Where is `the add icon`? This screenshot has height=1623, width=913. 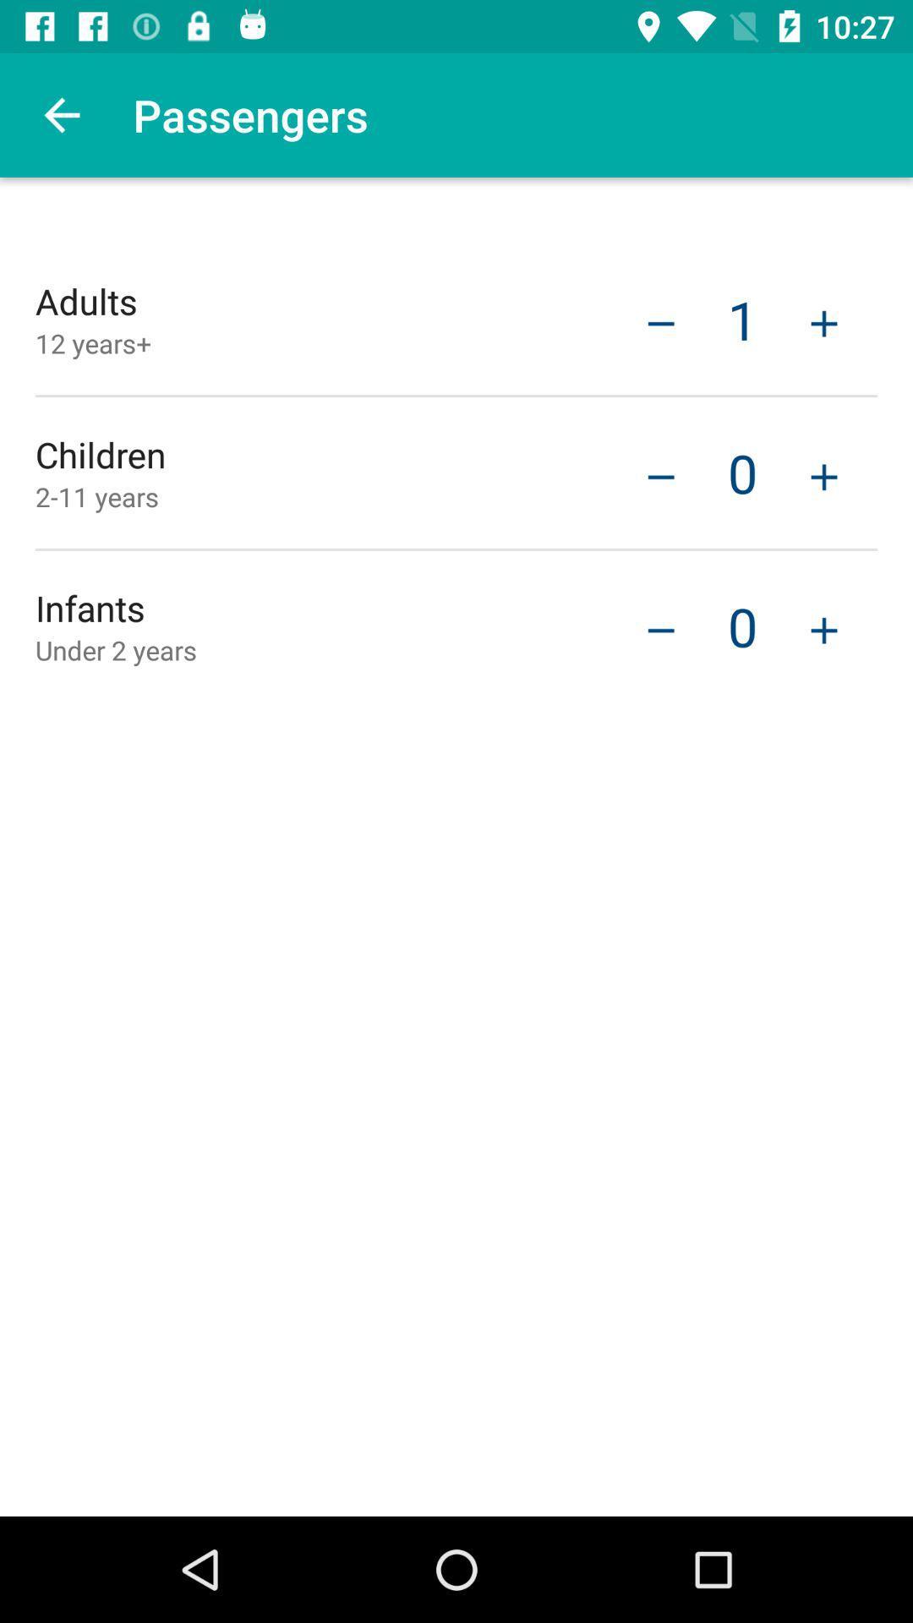 the add icon is located at coordinates (823, 627).